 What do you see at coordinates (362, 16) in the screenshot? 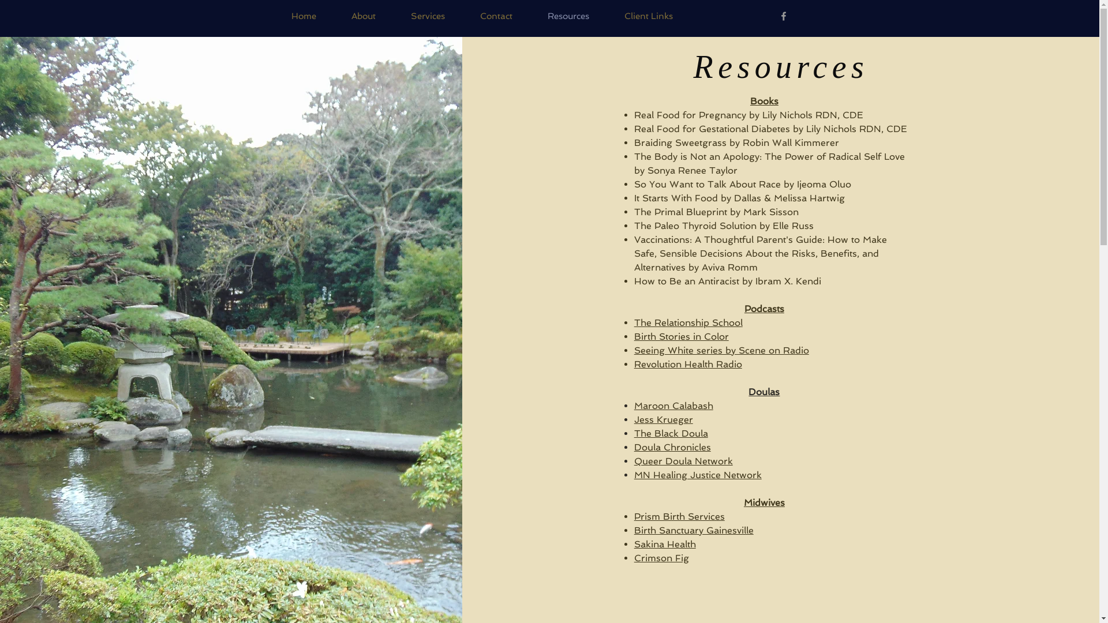
I see `'About'` at bounding box center [362, 16].